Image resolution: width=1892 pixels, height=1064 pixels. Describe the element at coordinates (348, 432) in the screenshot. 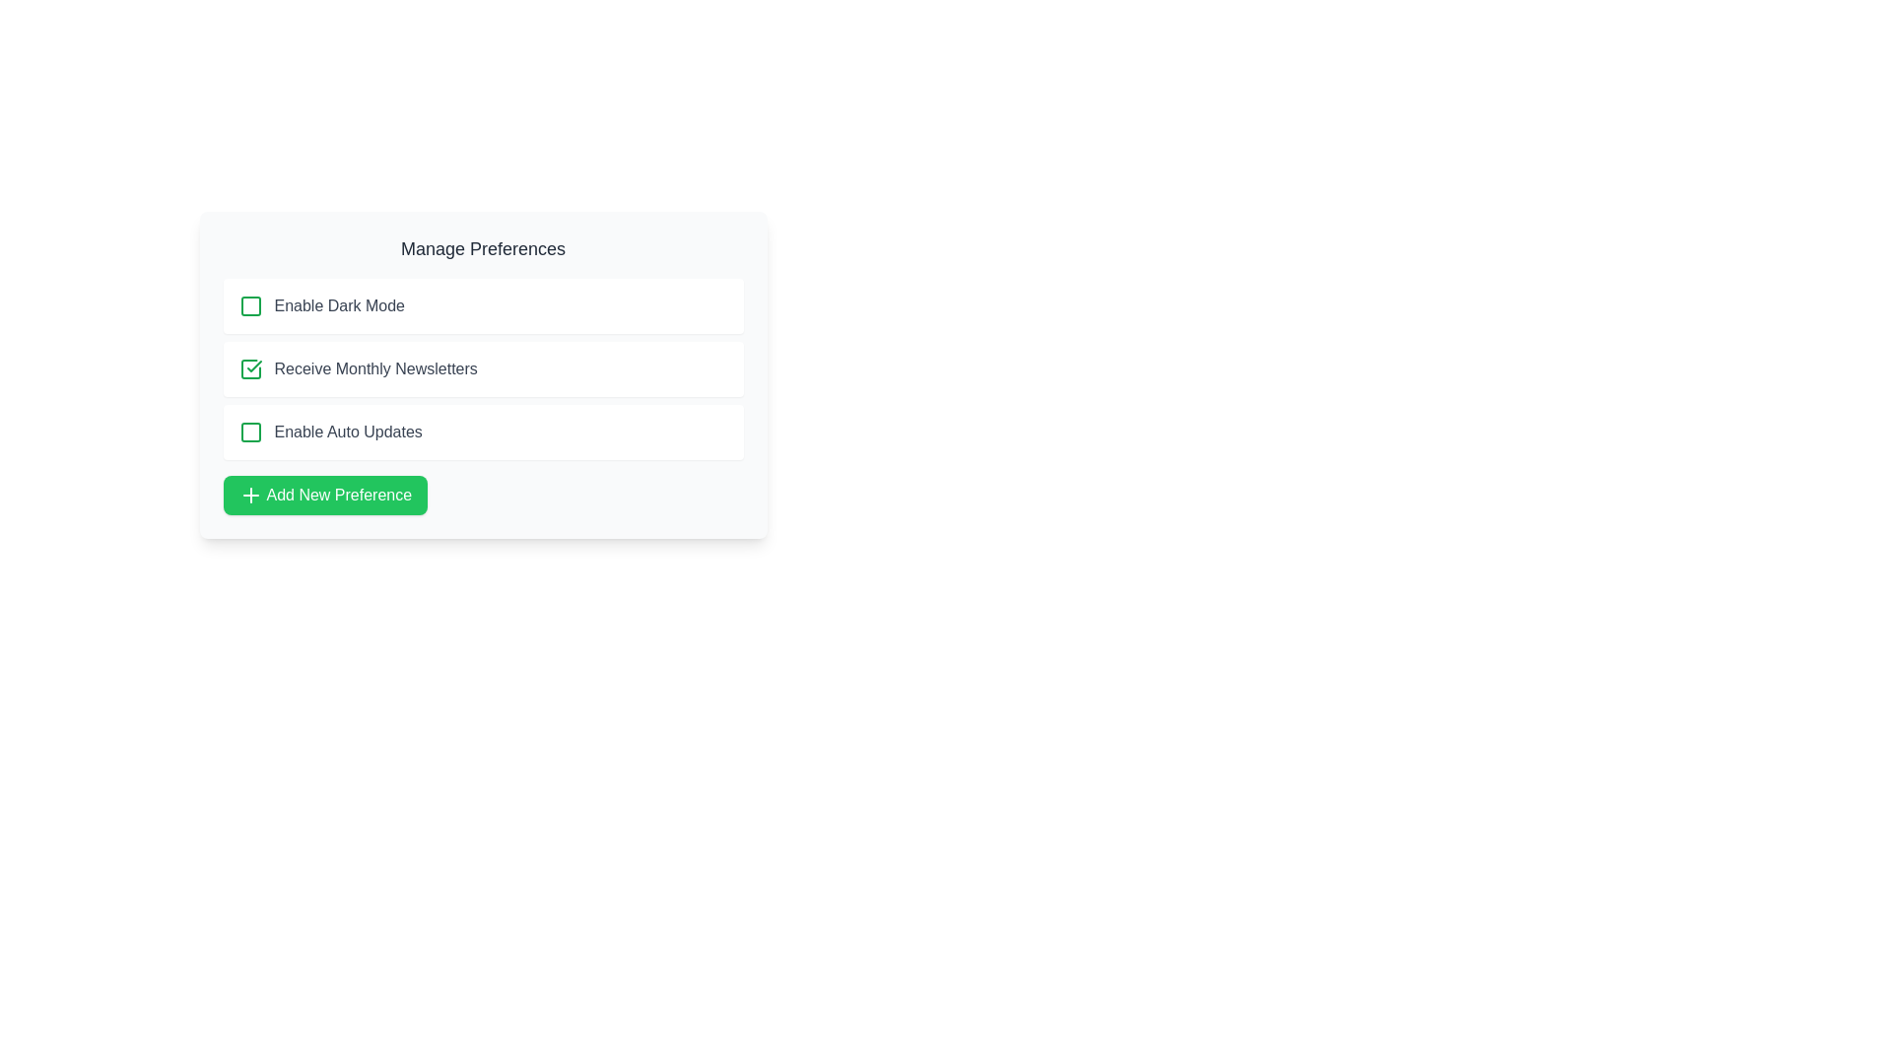

I see `the 'Enable Auto Updates' label text for accessibility purposes` at that location.